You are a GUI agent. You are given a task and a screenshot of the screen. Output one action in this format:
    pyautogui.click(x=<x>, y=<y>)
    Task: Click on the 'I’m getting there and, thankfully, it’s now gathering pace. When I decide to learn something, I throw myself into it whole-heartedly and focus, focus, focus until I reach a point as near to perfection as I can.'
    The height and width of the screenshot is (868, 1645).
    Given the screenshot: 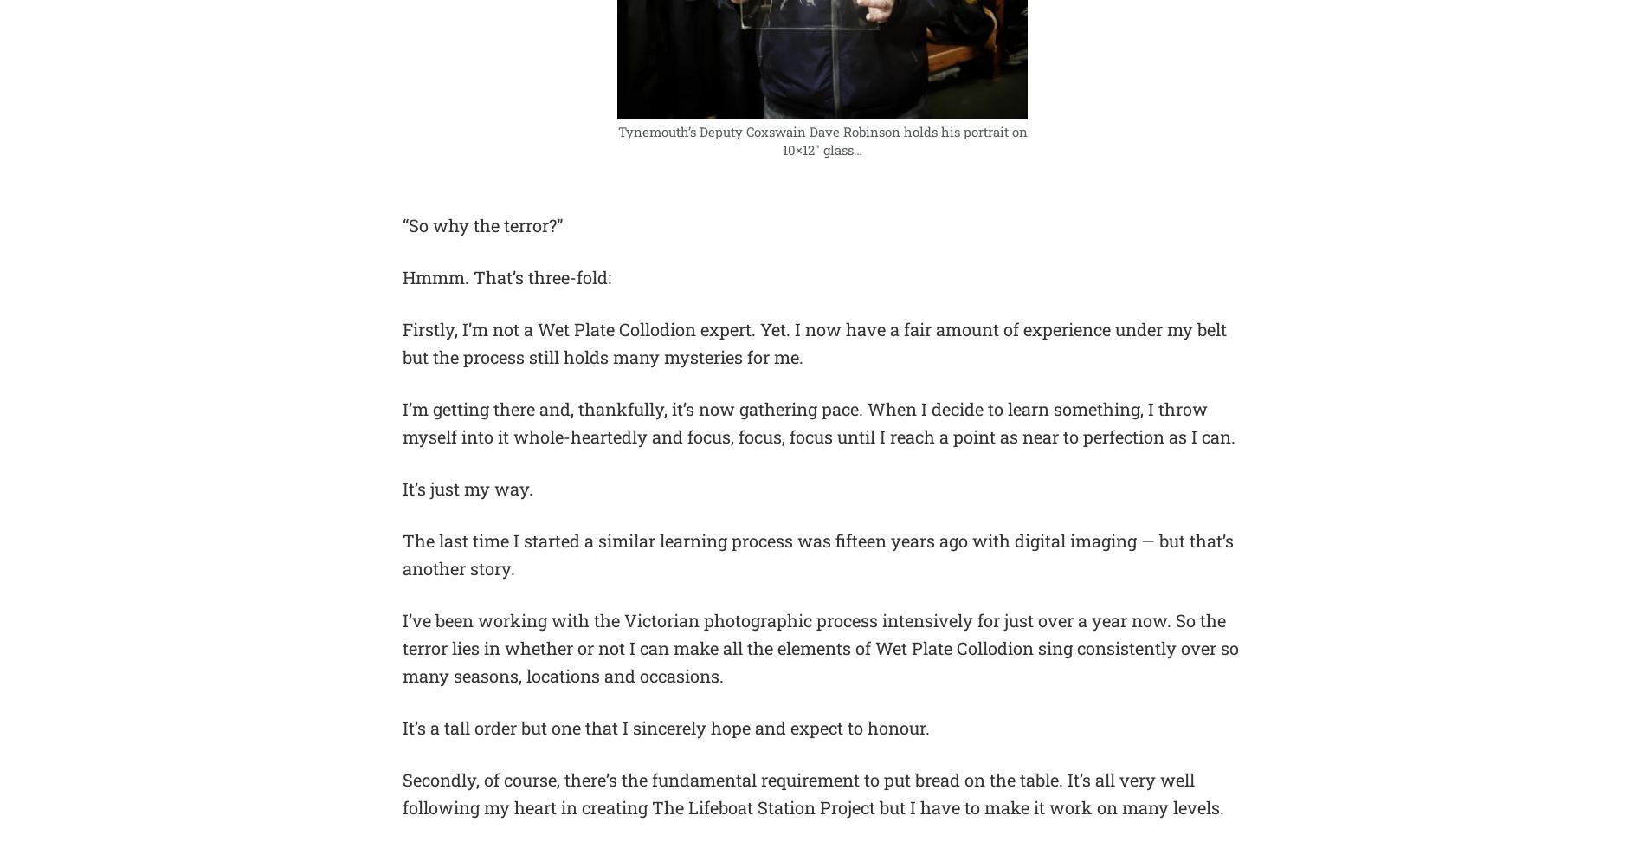 What is the action you would take?
    pyautogui.click(x=818, y=421)
    